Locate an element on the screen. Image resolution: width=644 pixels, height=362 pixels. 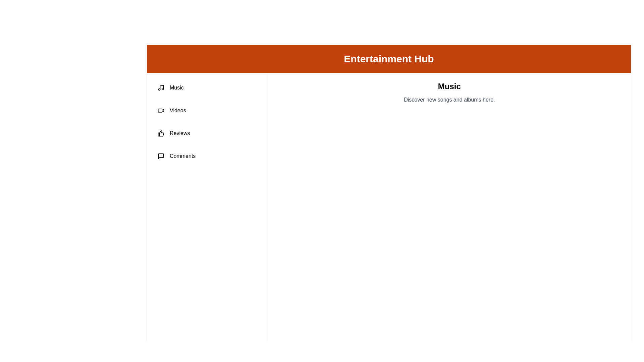
the tab labeled Reviews to view its content is located at coordinates (207, 133).